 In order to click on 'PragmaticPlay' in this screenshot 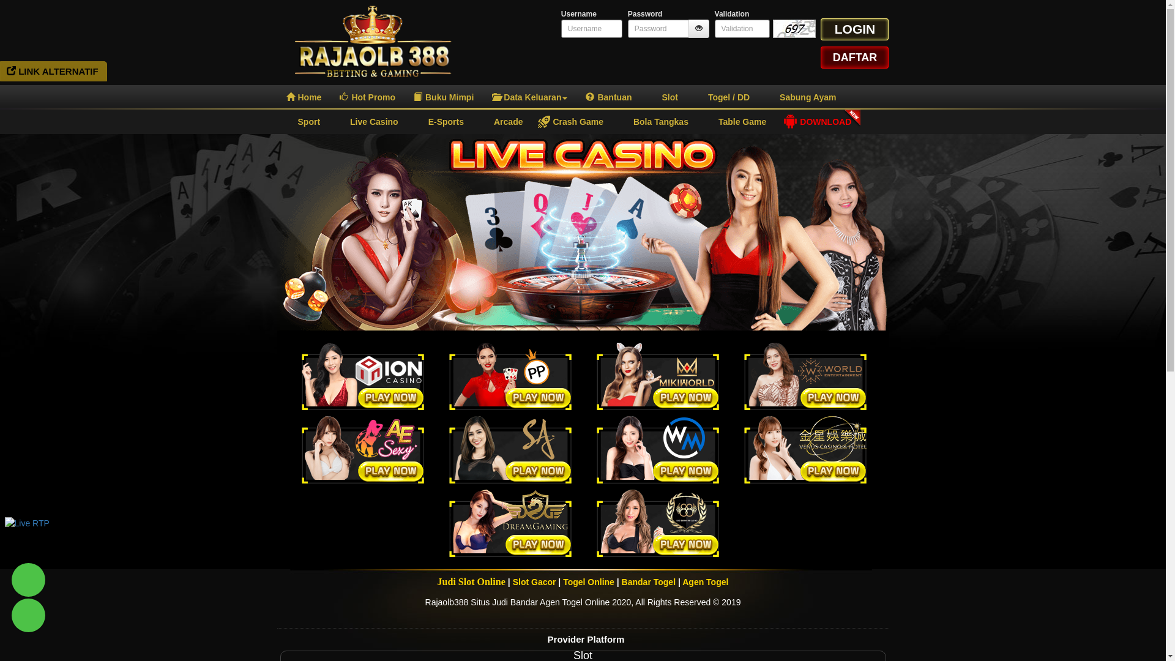, I will do `click(510, 375)`.